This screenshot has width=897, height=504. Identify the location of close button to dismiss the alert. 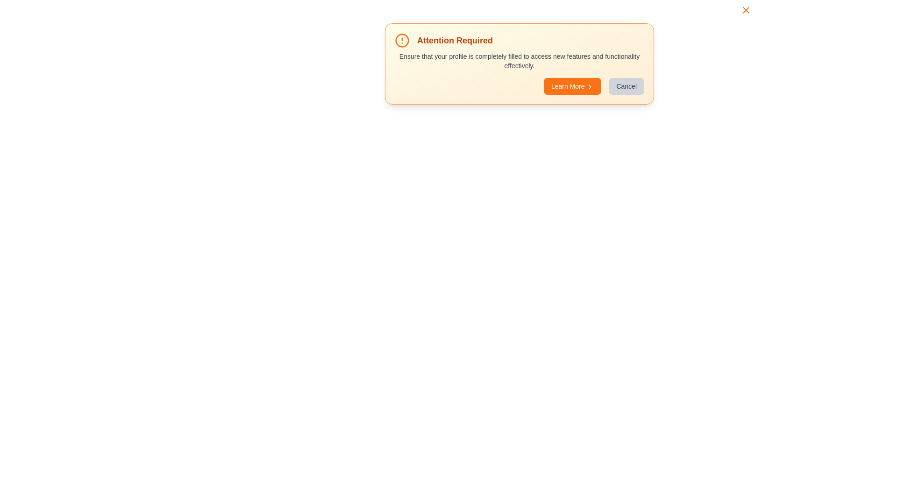
(746, 10).